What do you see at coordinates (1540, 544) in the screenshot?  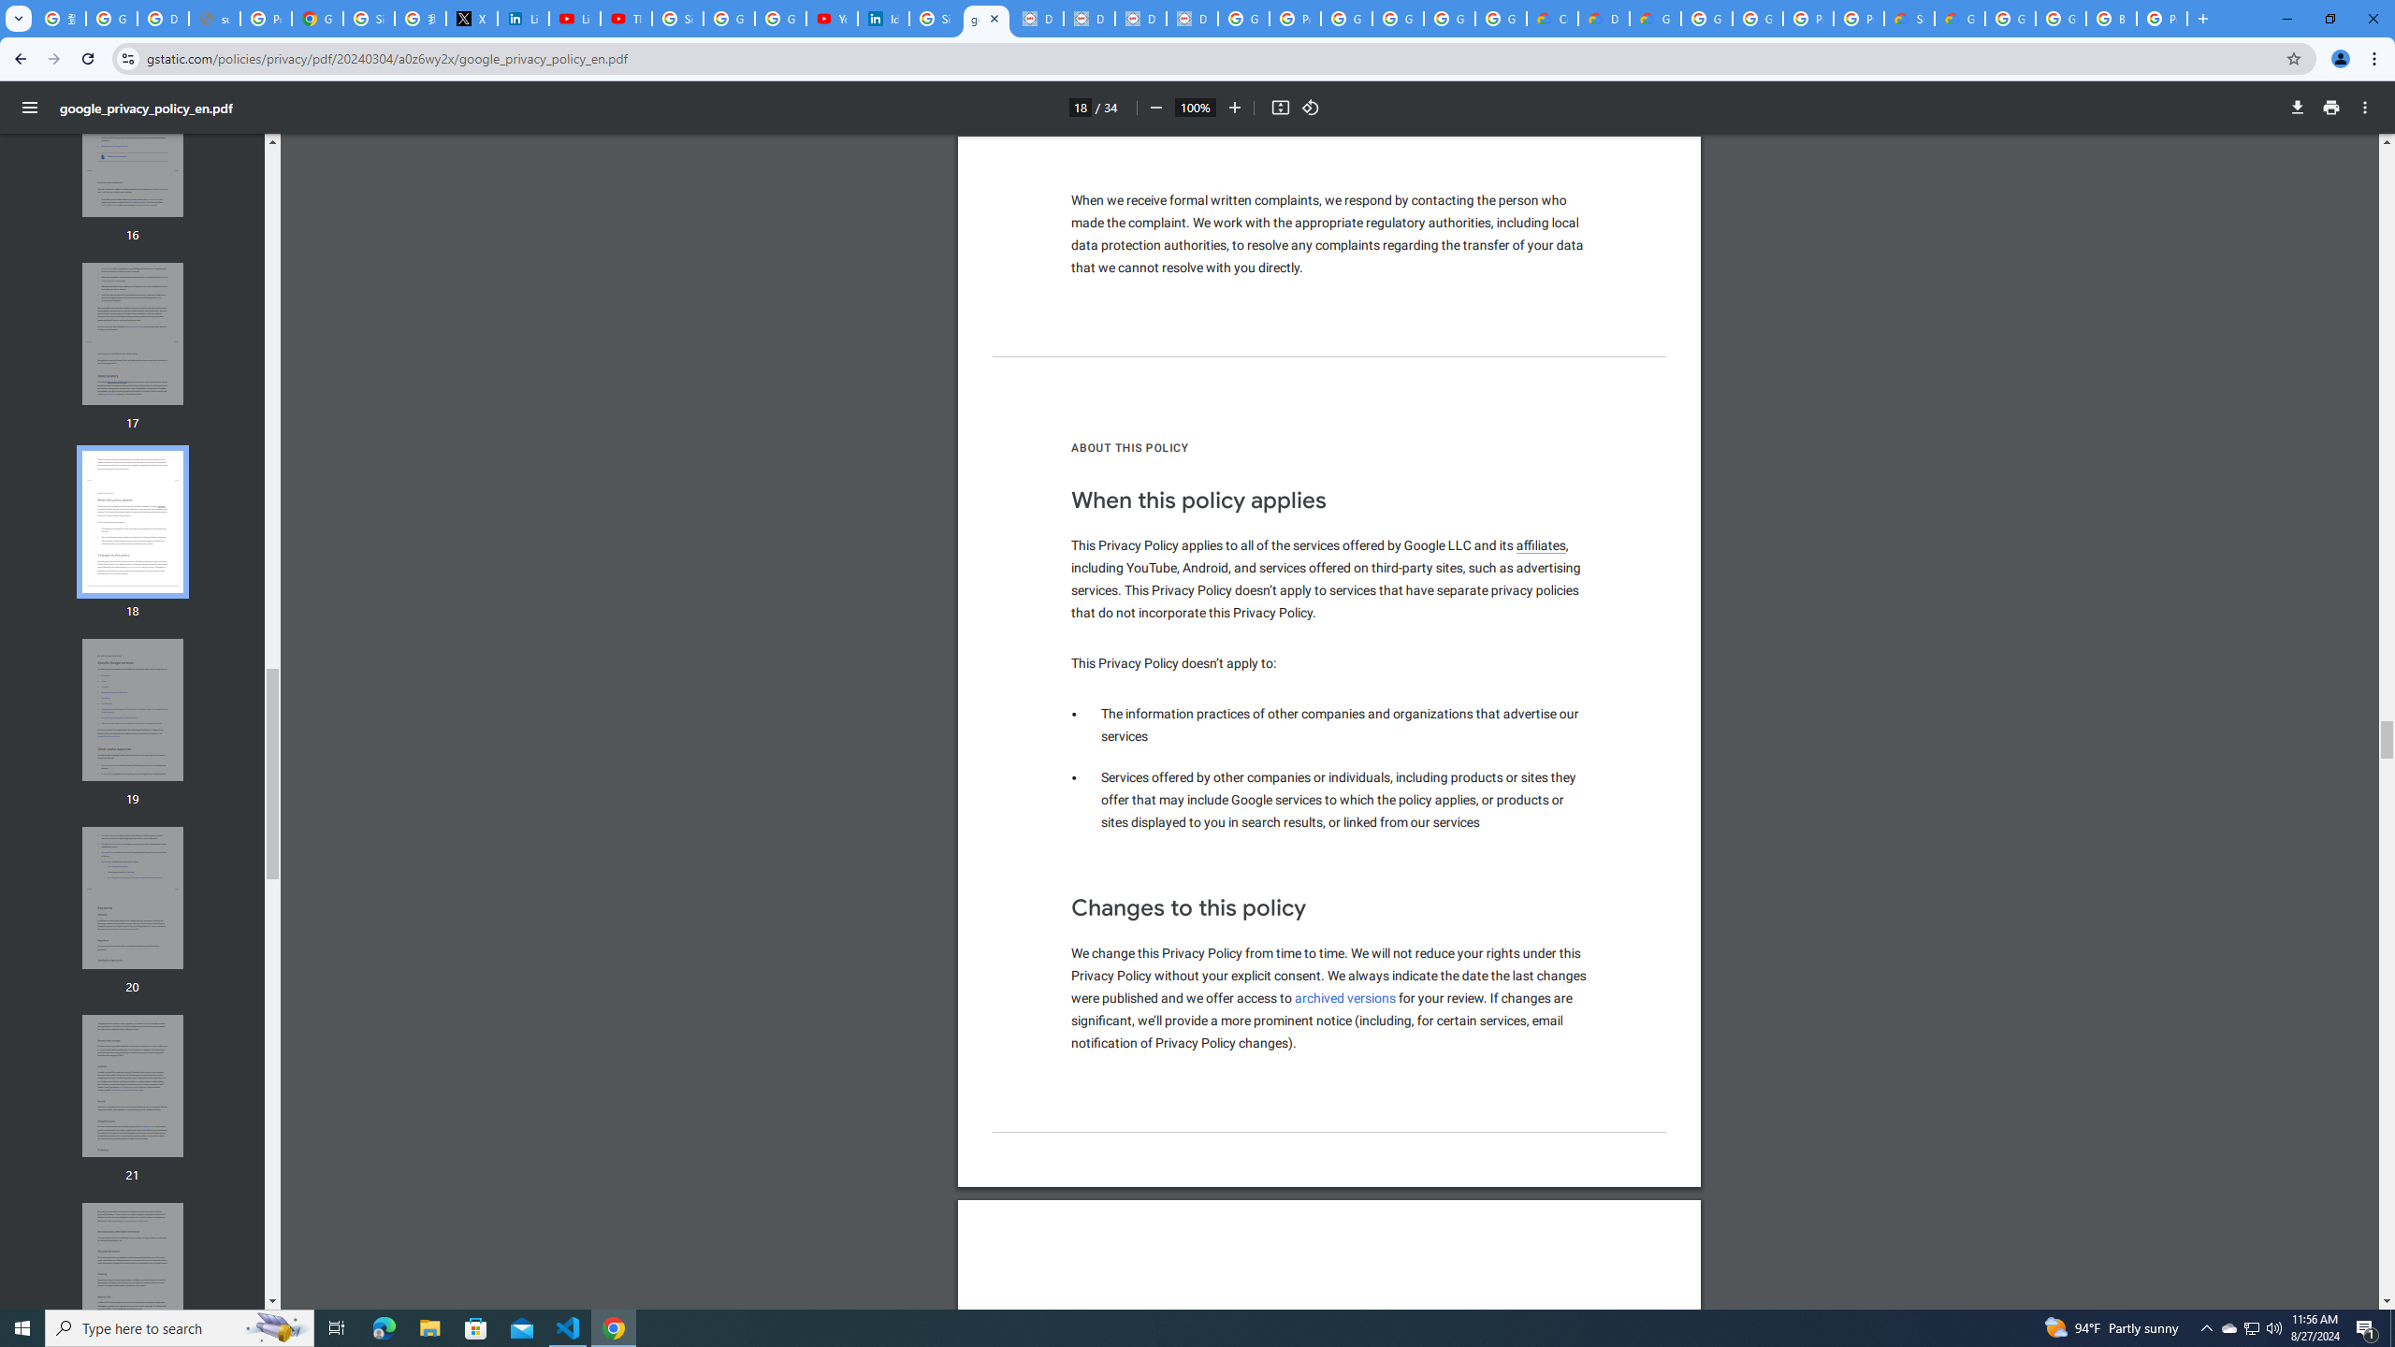 I see `'affiliates'` at bounding box center [1540, 544].